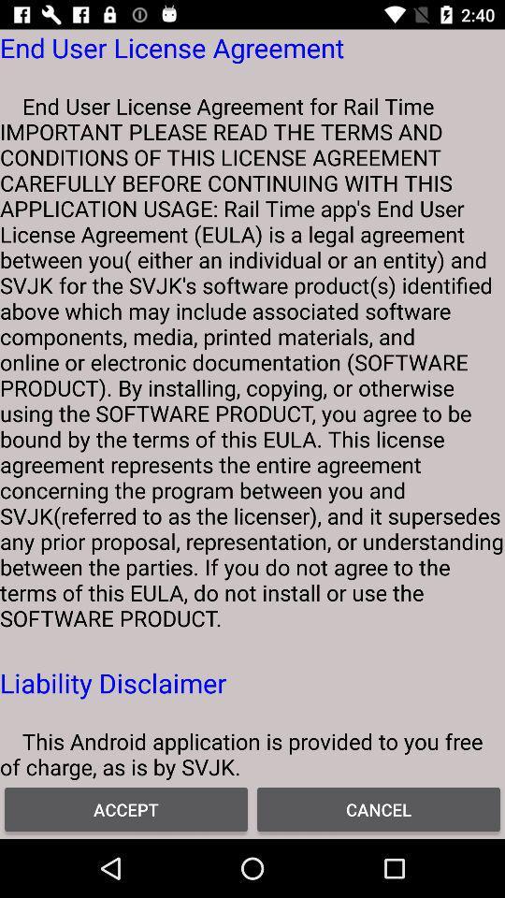  What do you see at coordinates (379, 808) in the screenshot?
I see `the icon below this android application app` at bounding box center [379, 808].